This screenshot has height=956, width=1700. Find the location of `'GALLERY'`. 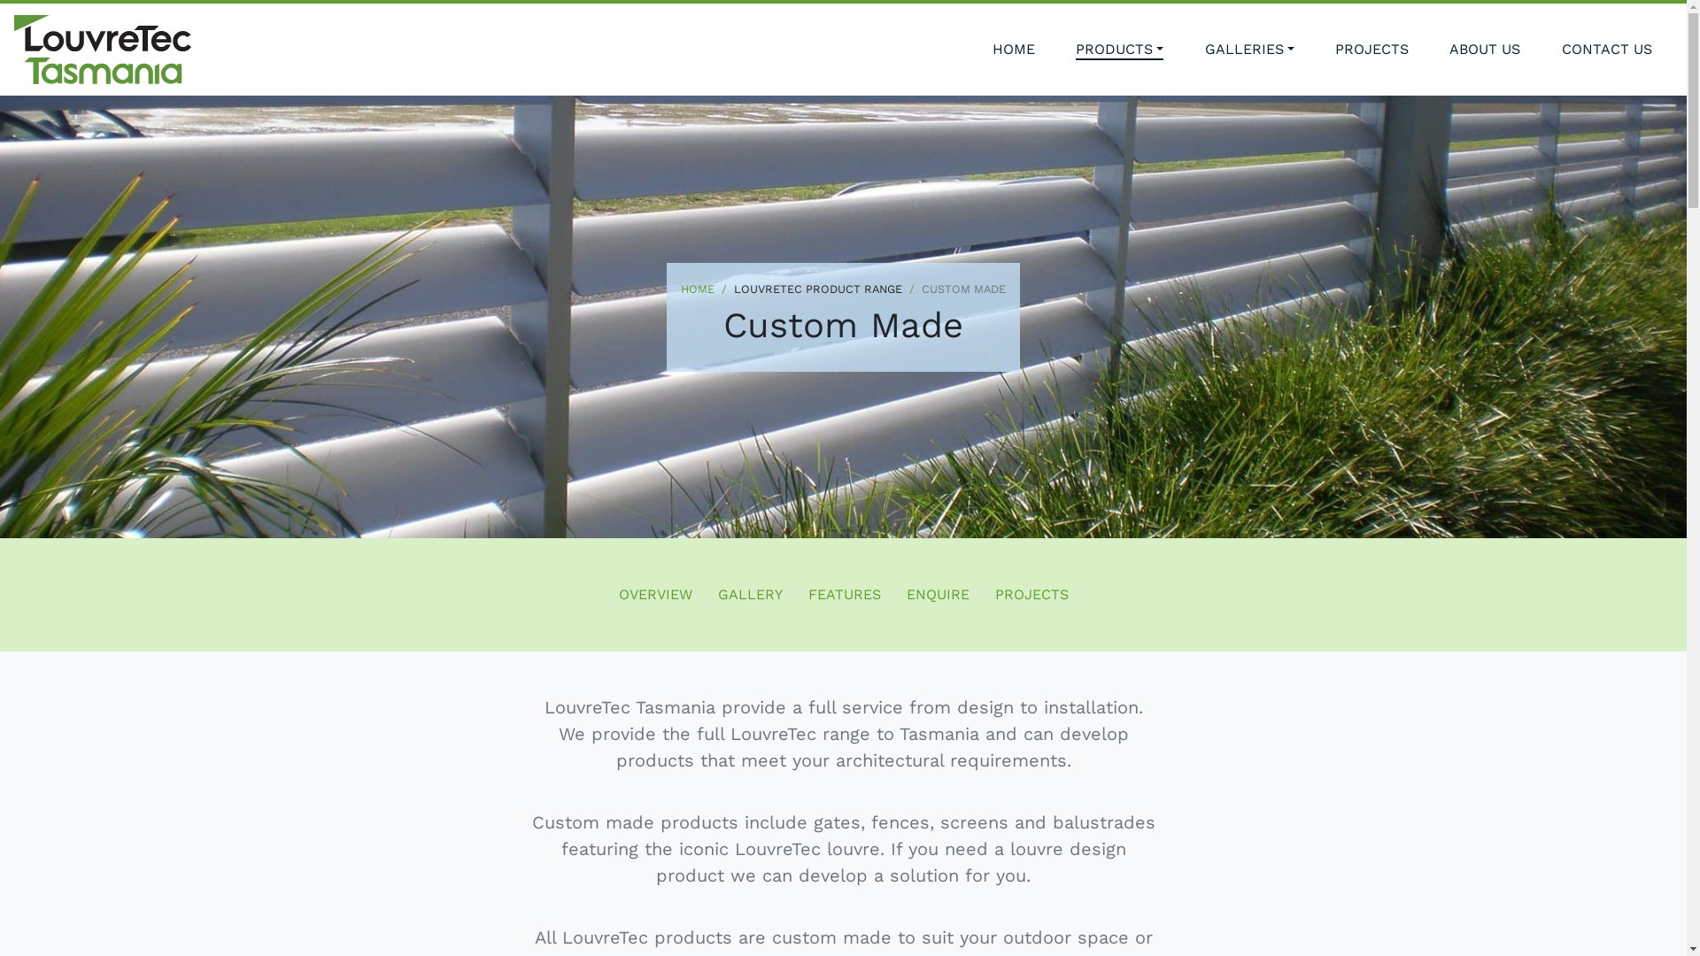

'GALLERY' is located at coordinates (749, 594).